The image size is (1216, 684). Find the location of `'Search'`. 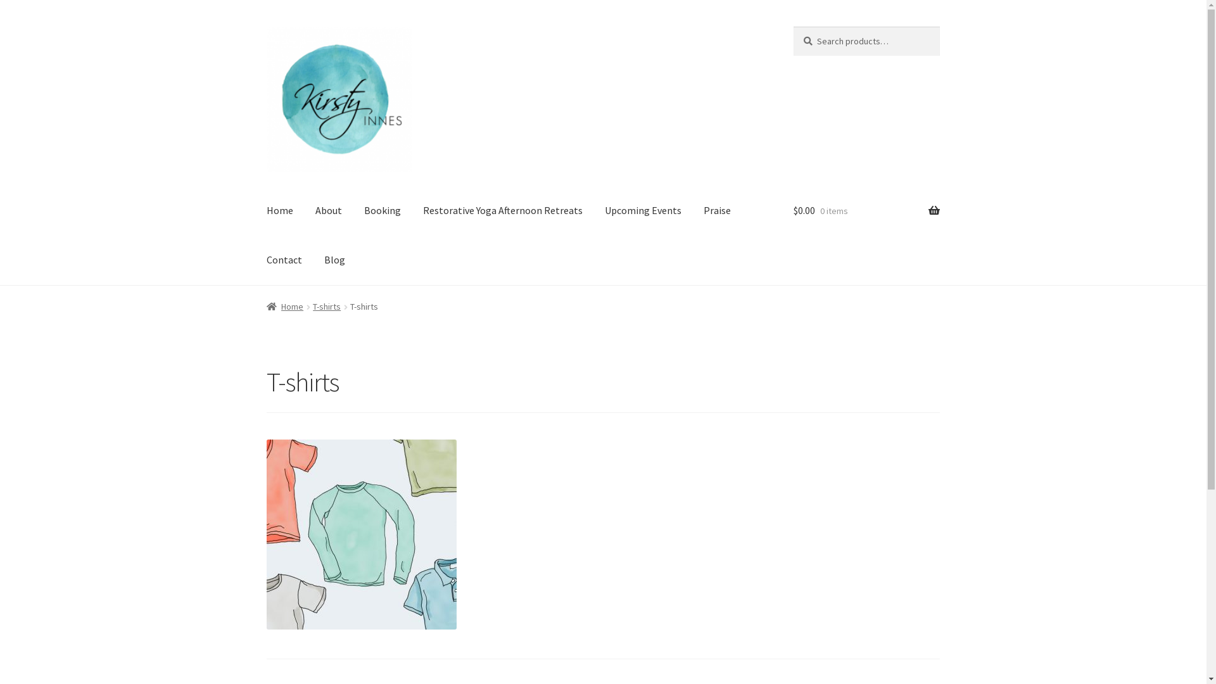

'Search' is located at coordinates (792, 26).